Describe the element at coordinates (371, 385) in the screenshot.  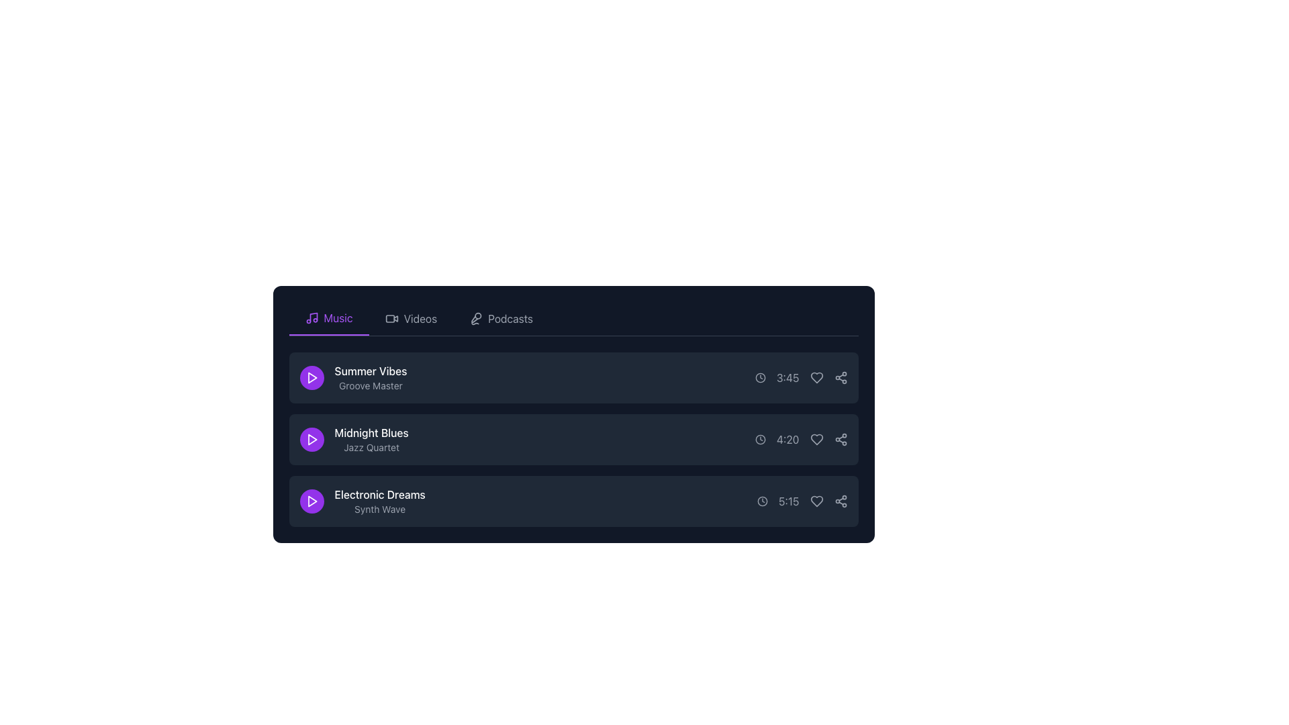
I see `text label located directly below the 'Summer Vibes' text, which represents the artist or genre associated with this music item` at that location.